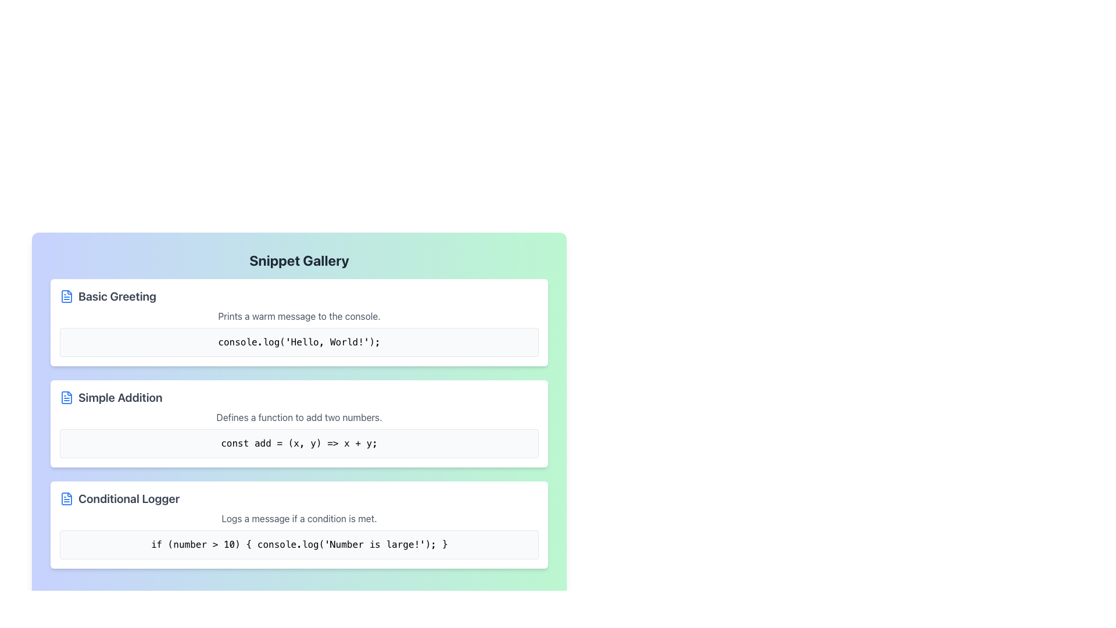  Describe the element at coordinates (299, 518) in the screenshot. I see `the text label that reads 'Logs a message if a condition is met.' which is styled with a gray font and located below the title 'Conditional Logger' in the third card of the code snippets list` at that location.